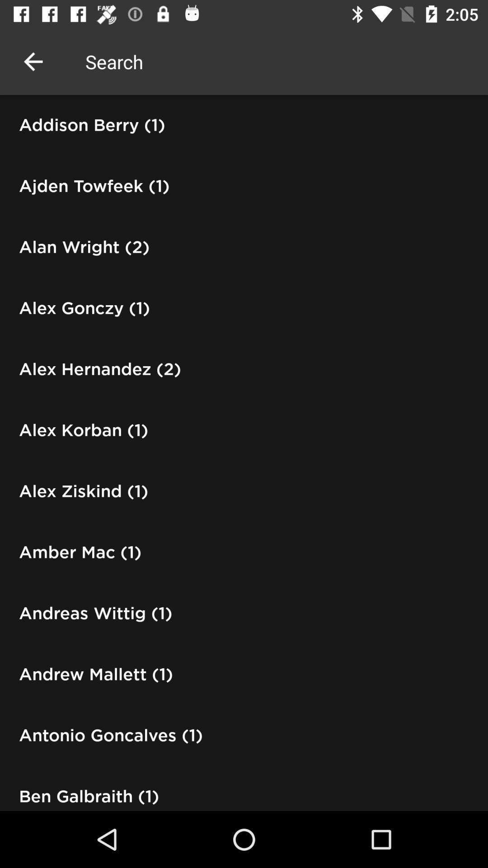 This screenshot has height=868, width=488. I want to click on the item to the left of the search icon, so click(33, 61).